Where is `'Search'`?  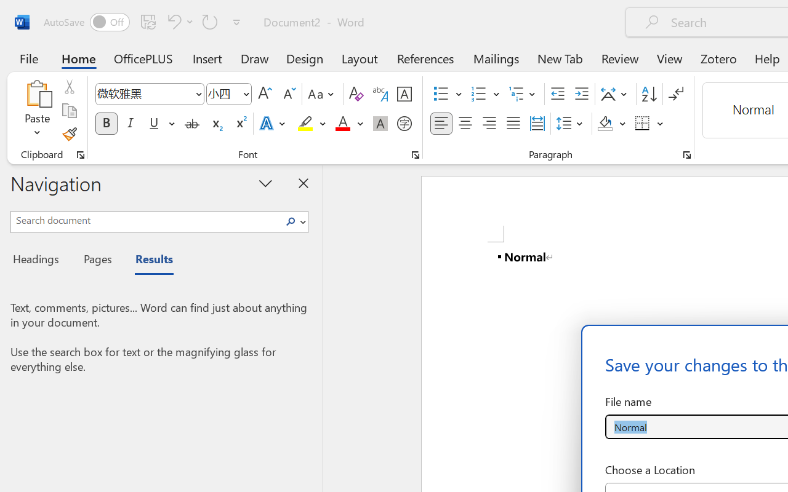
'Search' is located at coordinates (290, 221).